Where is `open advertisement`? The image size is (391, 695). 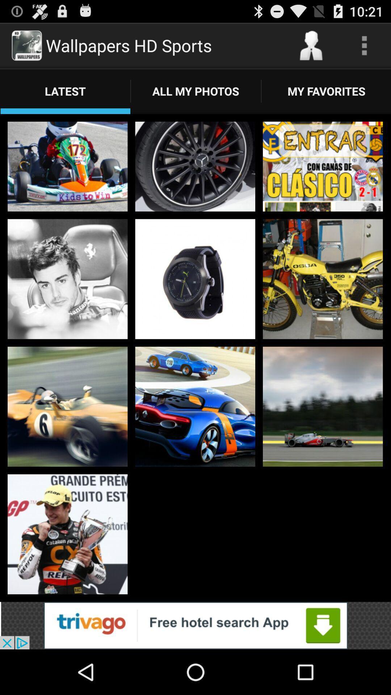
open advertisement is located at coordinates (195, 625).